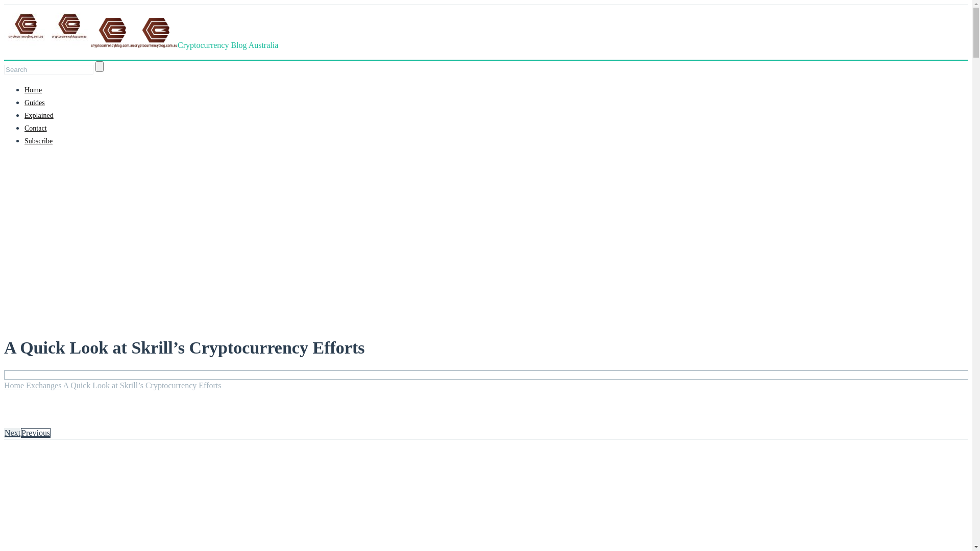 The width and height of the screenshot is (980, 551). What do you see at coordinates (34, 103) in the screenshot?
I see `'Guides'` at bounding box center [34, 103].